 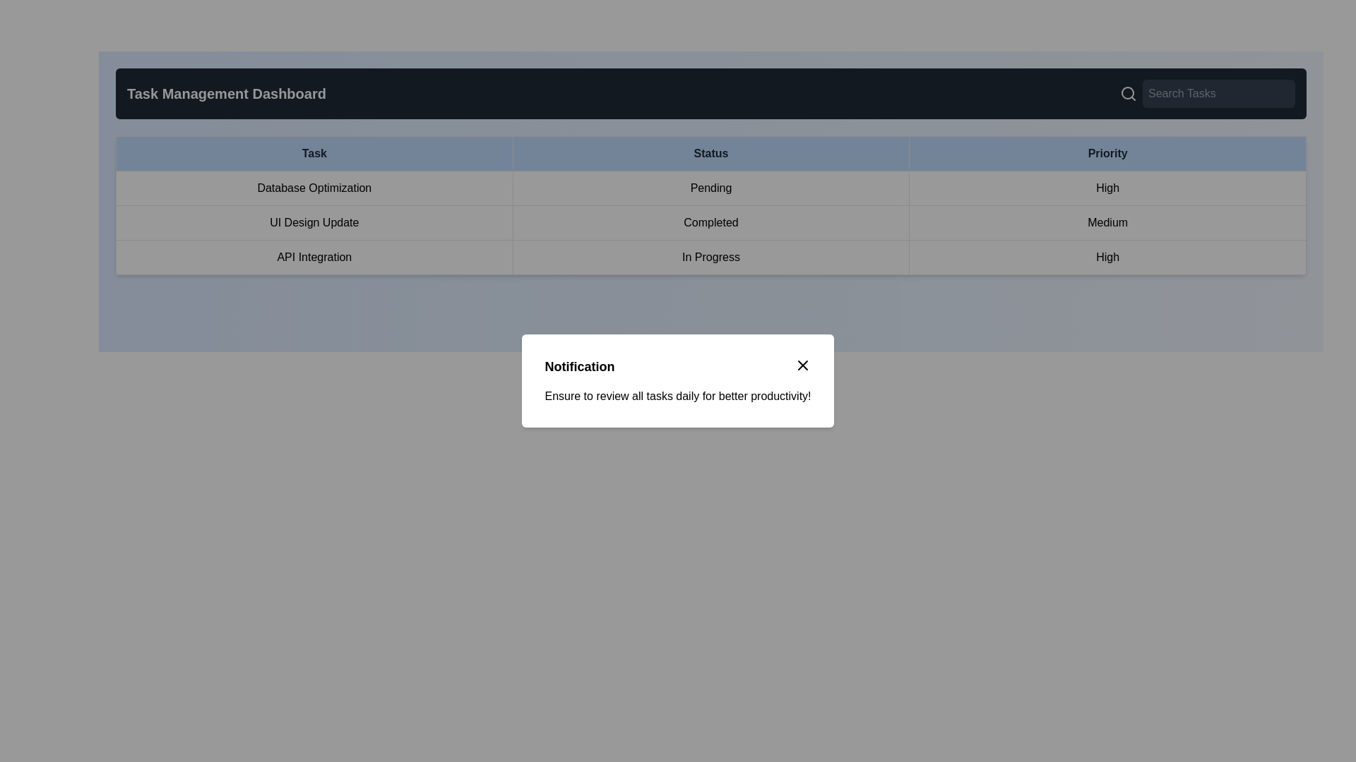 I want to click on the text label 'High' in the 'Priority' column of the task row labeled 'API Integration', which is displayed in bold and has a light grey background, so click(x=1107, y=258).